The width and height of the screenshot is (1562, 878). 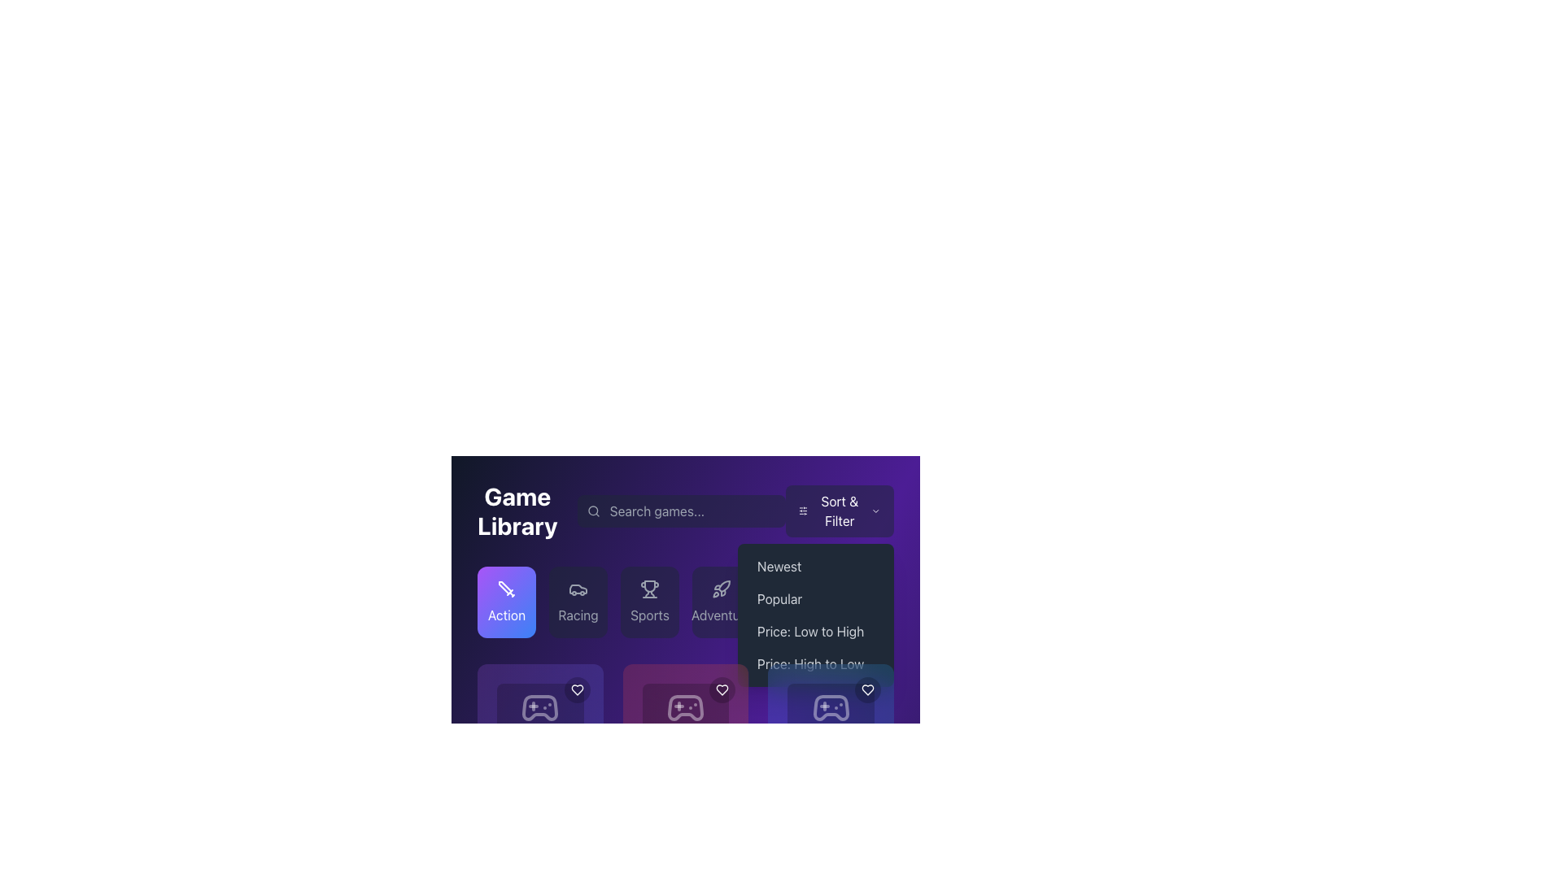 What do you see at coordinates (803, 510) in the screenshot?
I see `the horizontal sliders icon located within the 'Sort & Filter' button` at bounding box center [803, 510].